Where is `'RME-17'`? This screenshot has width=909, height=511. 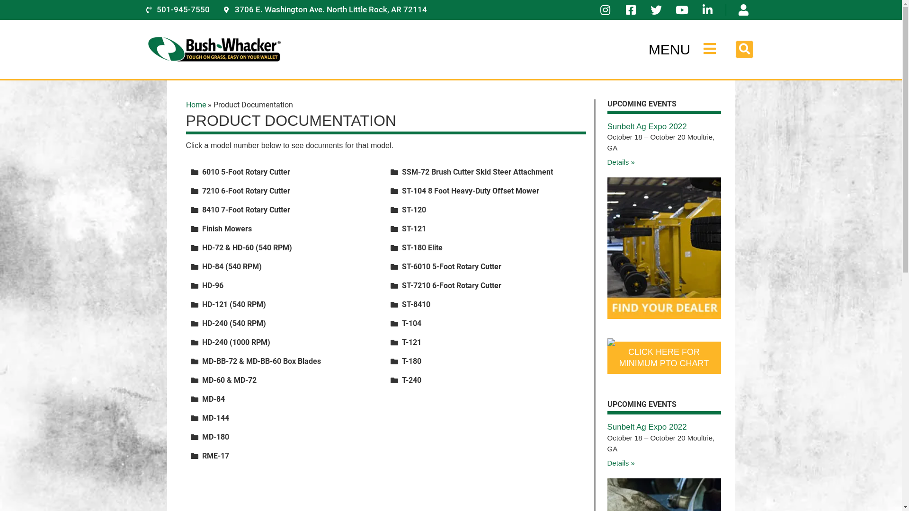
'RME-17' is located at coordinates (214, 455).